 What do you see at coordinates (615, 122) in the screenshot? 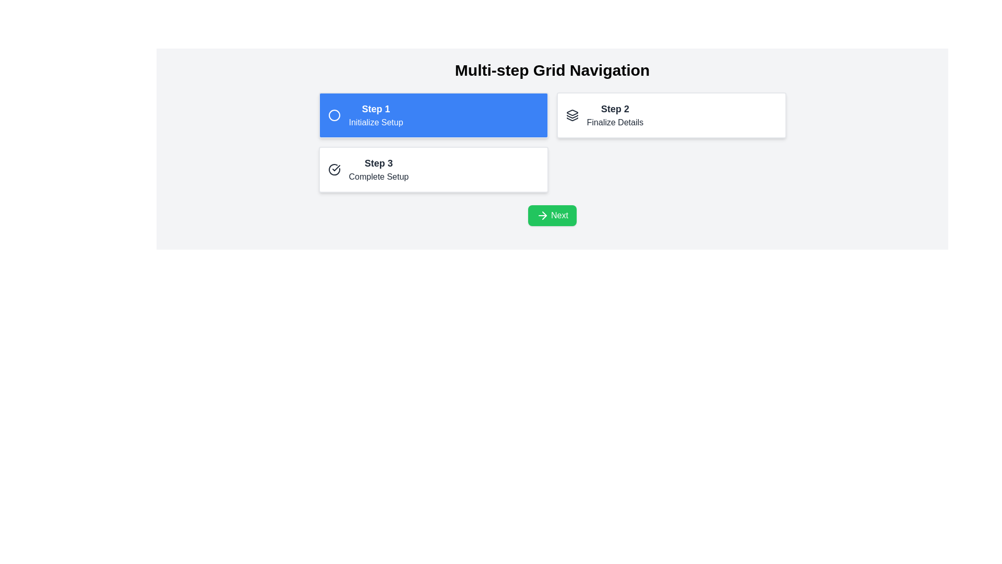
I see `the static text label displaying 'Finalize Details', which is located beneath the bolded 'Step 2' text in the upper-right quadrant of the multistep navigation grid` at bounding box center [615, 122].